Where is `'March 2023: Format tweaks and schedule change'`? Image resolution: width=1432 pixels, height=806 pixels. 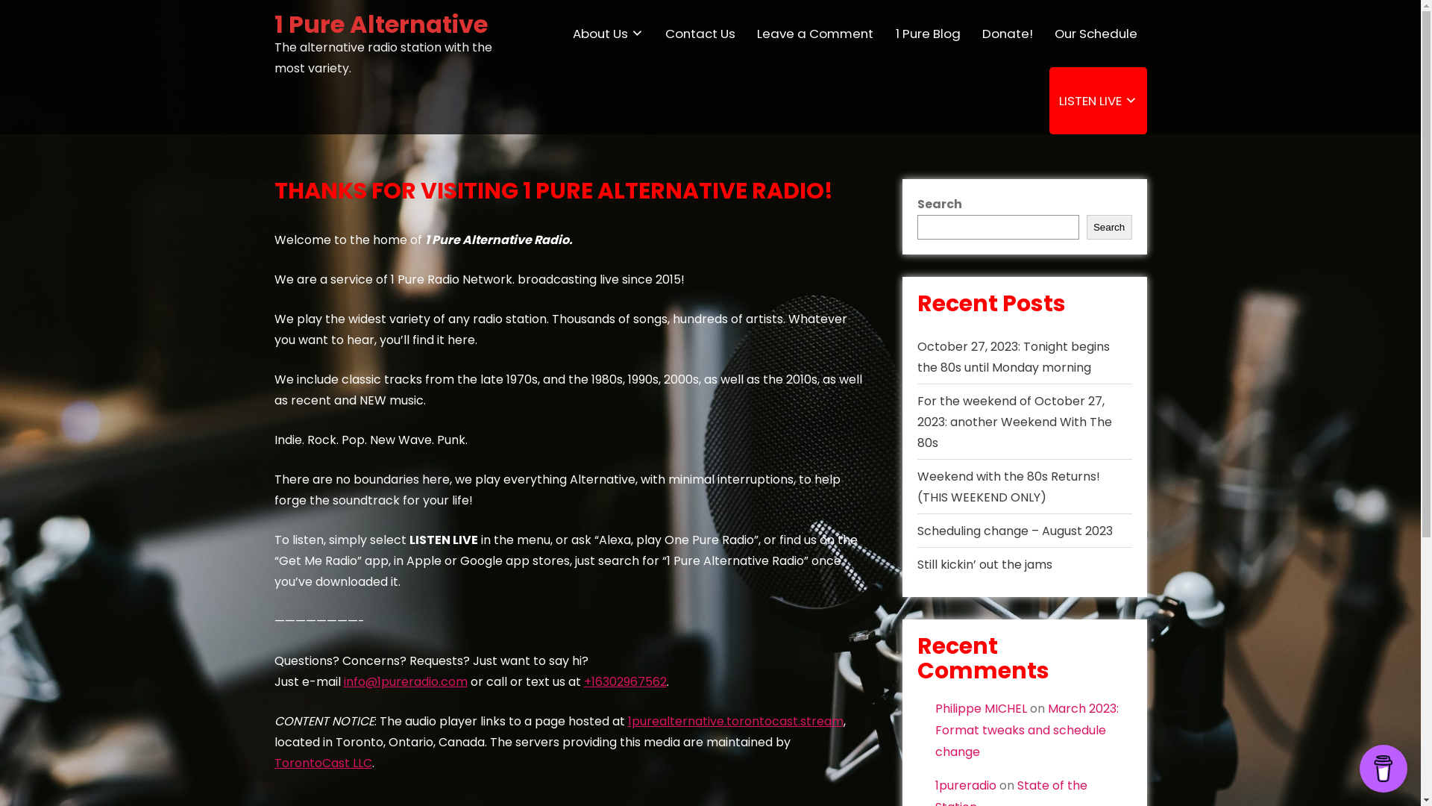 'March 2023: Format tweaks and schedule change' is located at coordinates (1026, 729).